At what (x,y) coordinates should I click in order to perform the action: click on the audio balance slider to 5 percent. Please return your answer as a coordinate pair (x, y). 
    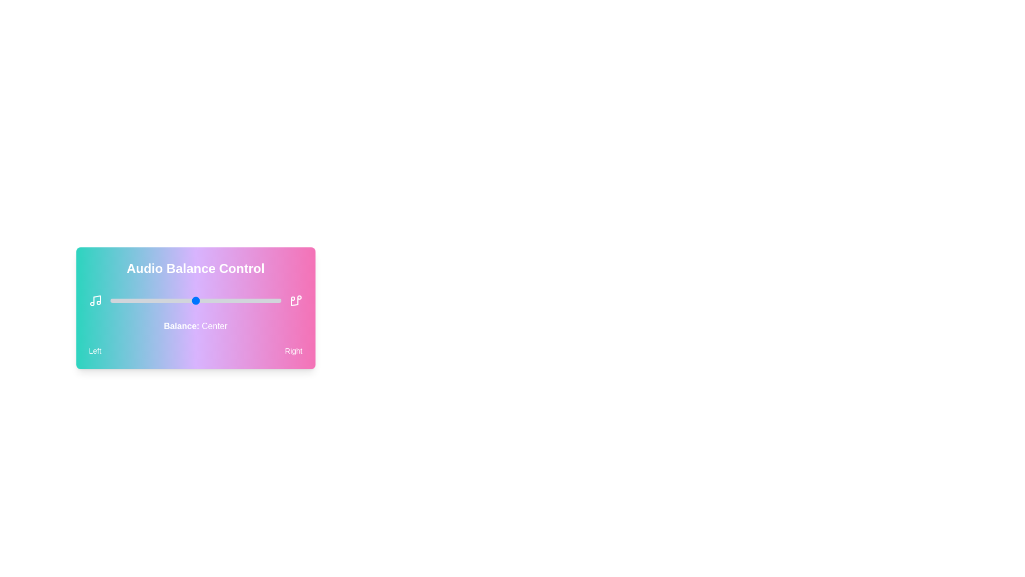
    Looking at the image, I should click on (119, 301).